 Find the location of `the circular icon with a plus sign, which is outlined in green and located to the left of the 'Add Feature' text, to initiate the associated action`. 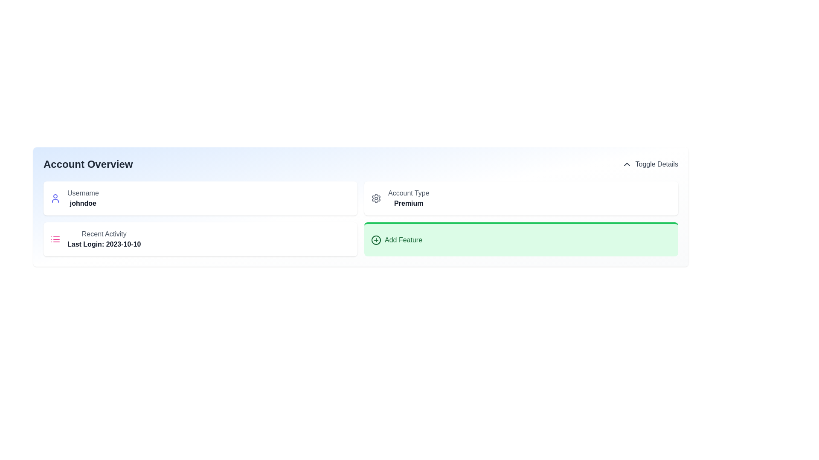

the circular icon with a plus sign, which is outlined in green and located to the left of the 'Add Feature' text, to initiate the associated action is located at coordinates (376, 240).